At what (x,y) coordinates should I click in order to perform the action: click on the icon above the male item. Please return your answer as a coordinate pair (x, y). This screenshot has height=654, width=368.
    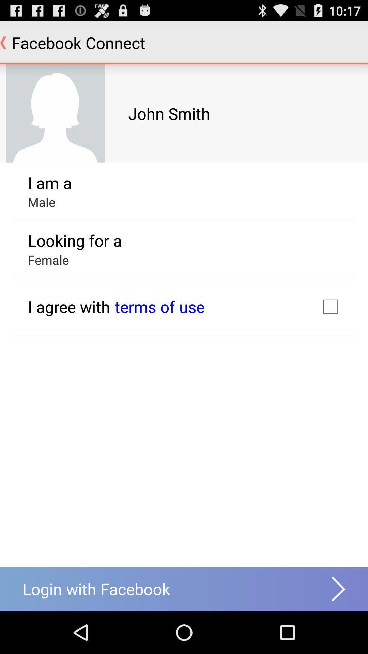
    Looking at the image, I should click on (49, 183).